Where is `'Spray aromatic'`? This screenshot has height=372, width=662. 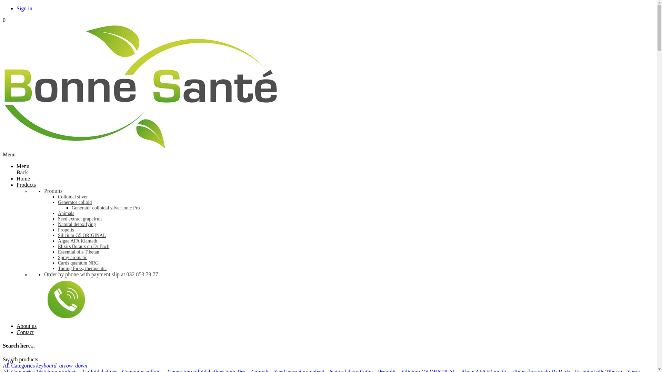
'Spray aromatic' is located at coordinates (72, 257).